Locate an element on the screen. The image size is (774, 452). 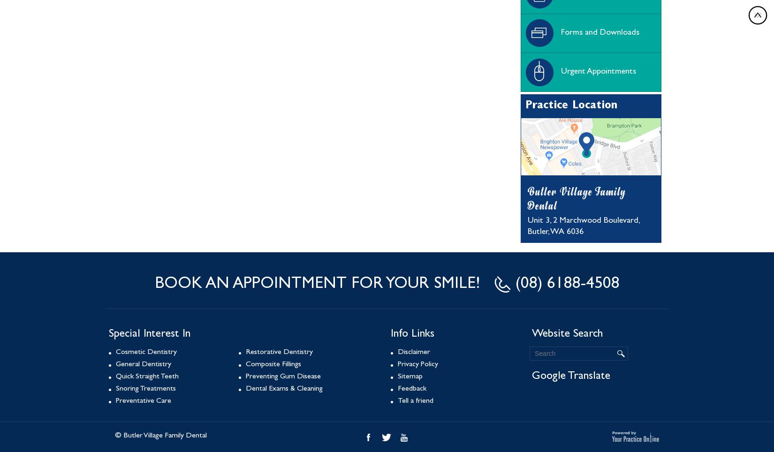
'Book an Appointment for Your Smile!' is located at coordinates (319, 285).